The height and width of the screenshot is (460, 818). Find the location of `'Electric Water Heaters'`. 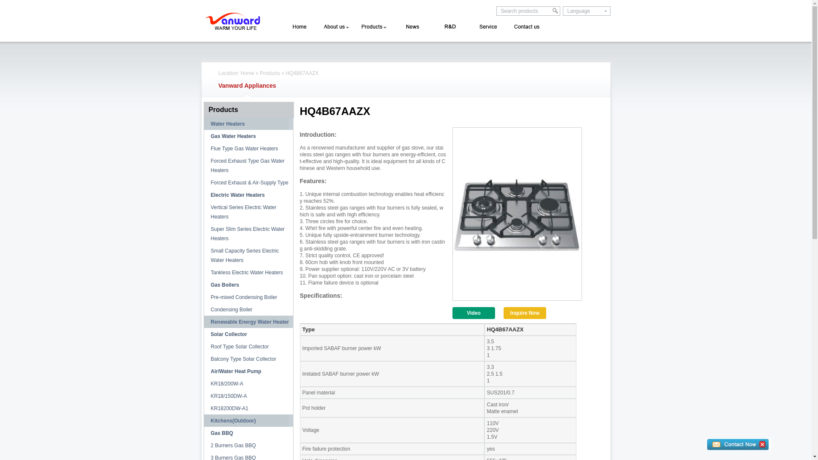

'Electric Water Heaters' is located at coordinates (248, 195).